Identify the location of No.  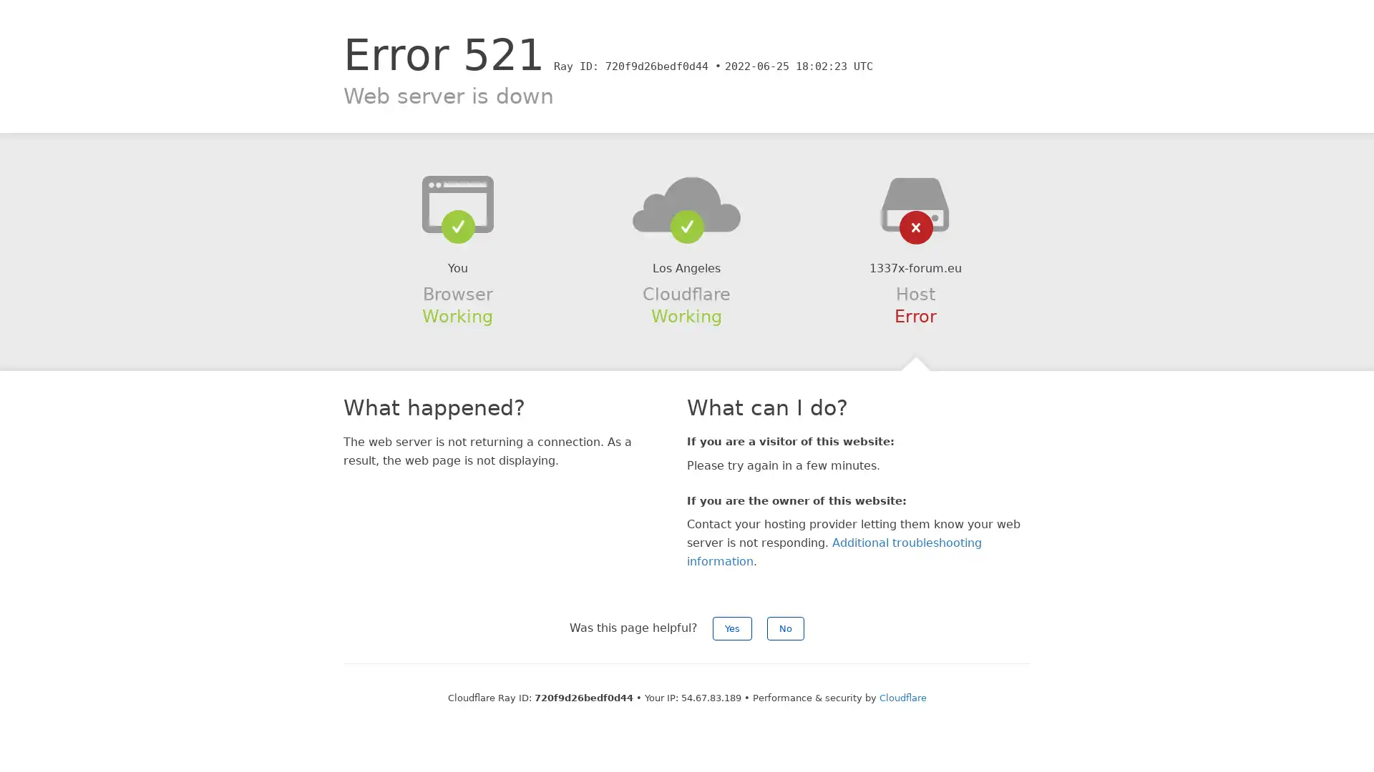
(785, 628).